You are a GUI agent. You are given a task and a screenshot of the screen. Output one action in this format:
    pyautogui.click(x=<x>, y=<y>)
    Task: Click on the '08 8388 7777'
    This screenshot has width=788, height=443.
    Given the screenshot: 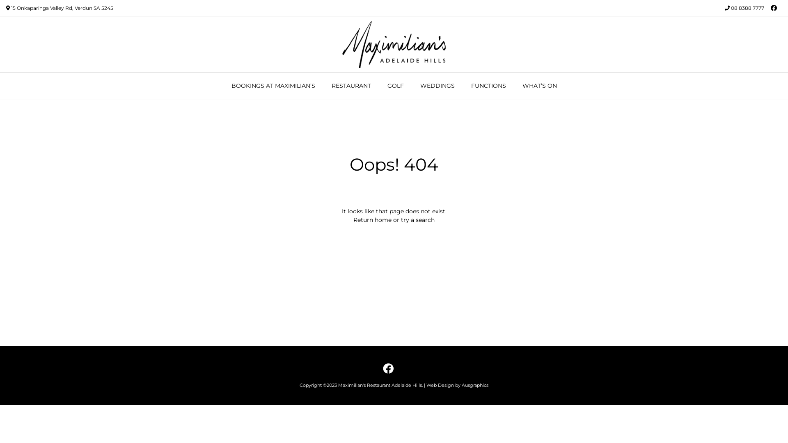 What is the action you would take?
    pyautogui.click(x=731, y=8)
    